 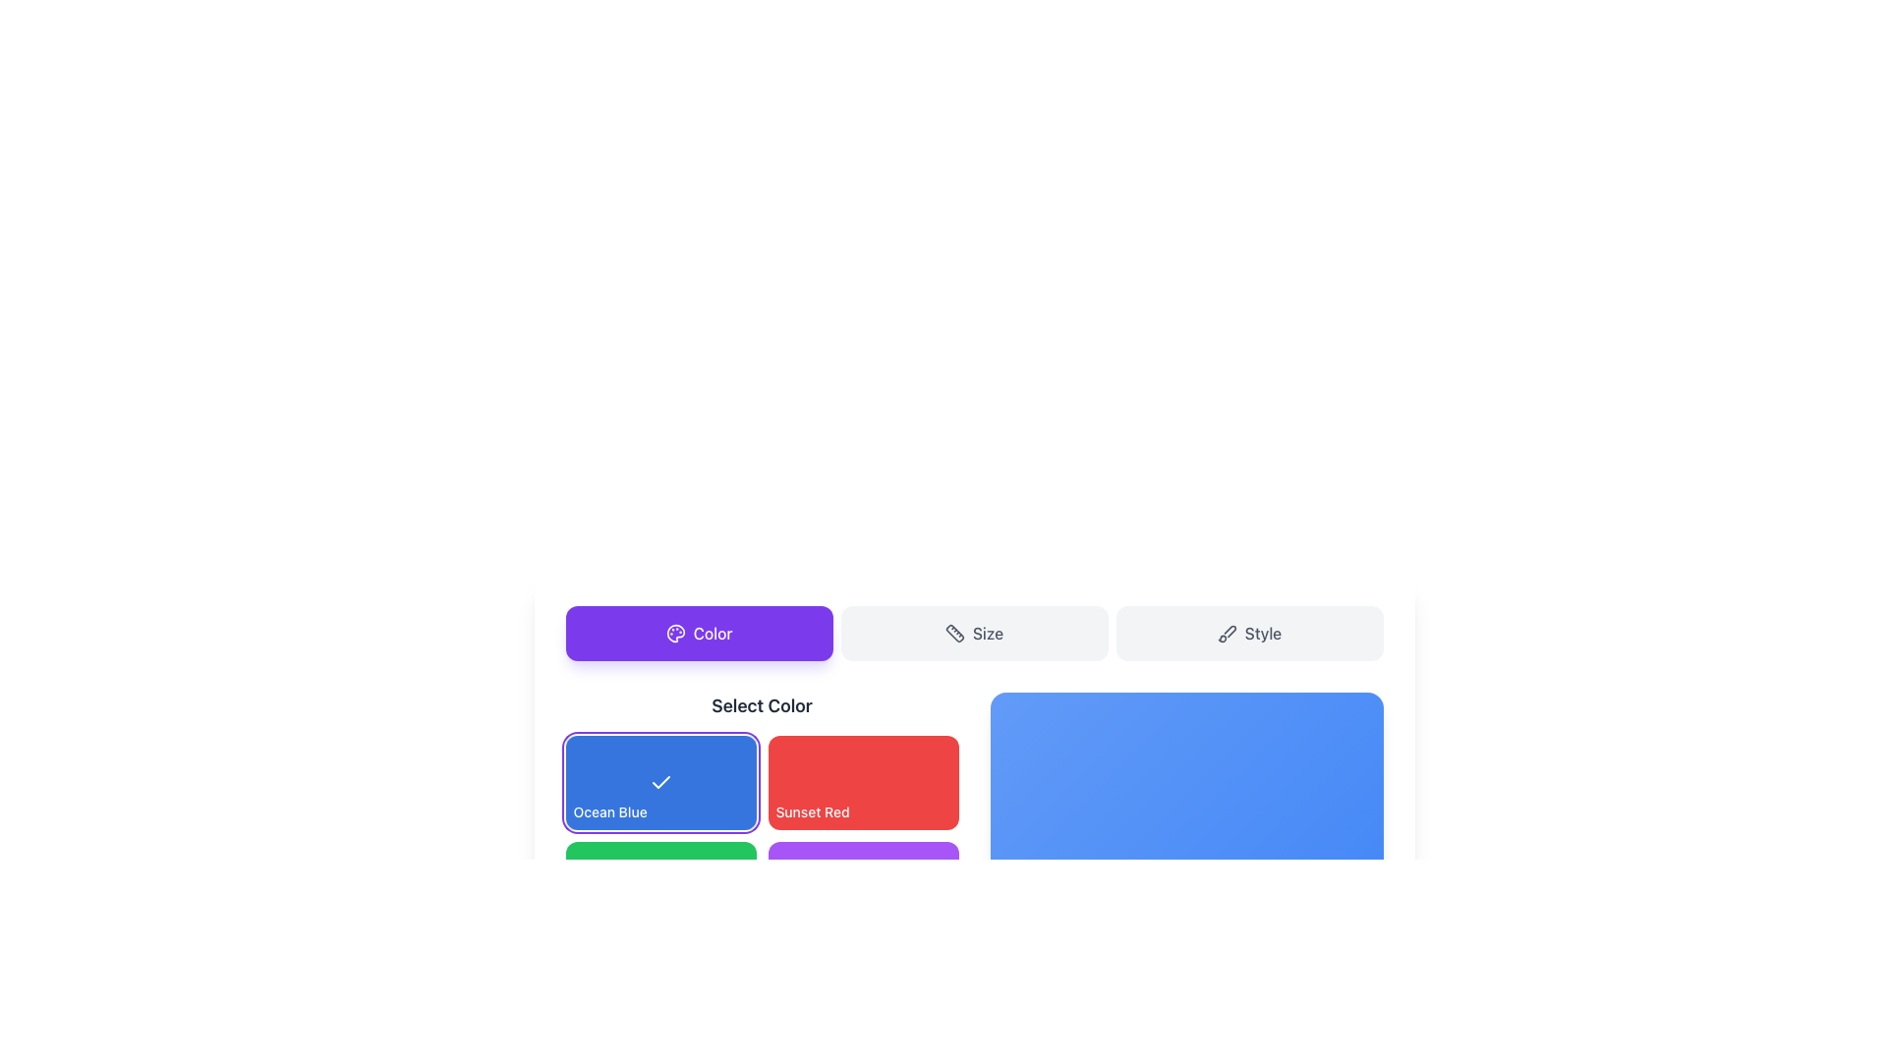 What do you see at coordinates (660, 782) in the screenshot?
I see `the white checkmark icon located within the blue 'Ocean Blue' card in the 'Select Color' section to interact with it` at bounding box center [660, 782].